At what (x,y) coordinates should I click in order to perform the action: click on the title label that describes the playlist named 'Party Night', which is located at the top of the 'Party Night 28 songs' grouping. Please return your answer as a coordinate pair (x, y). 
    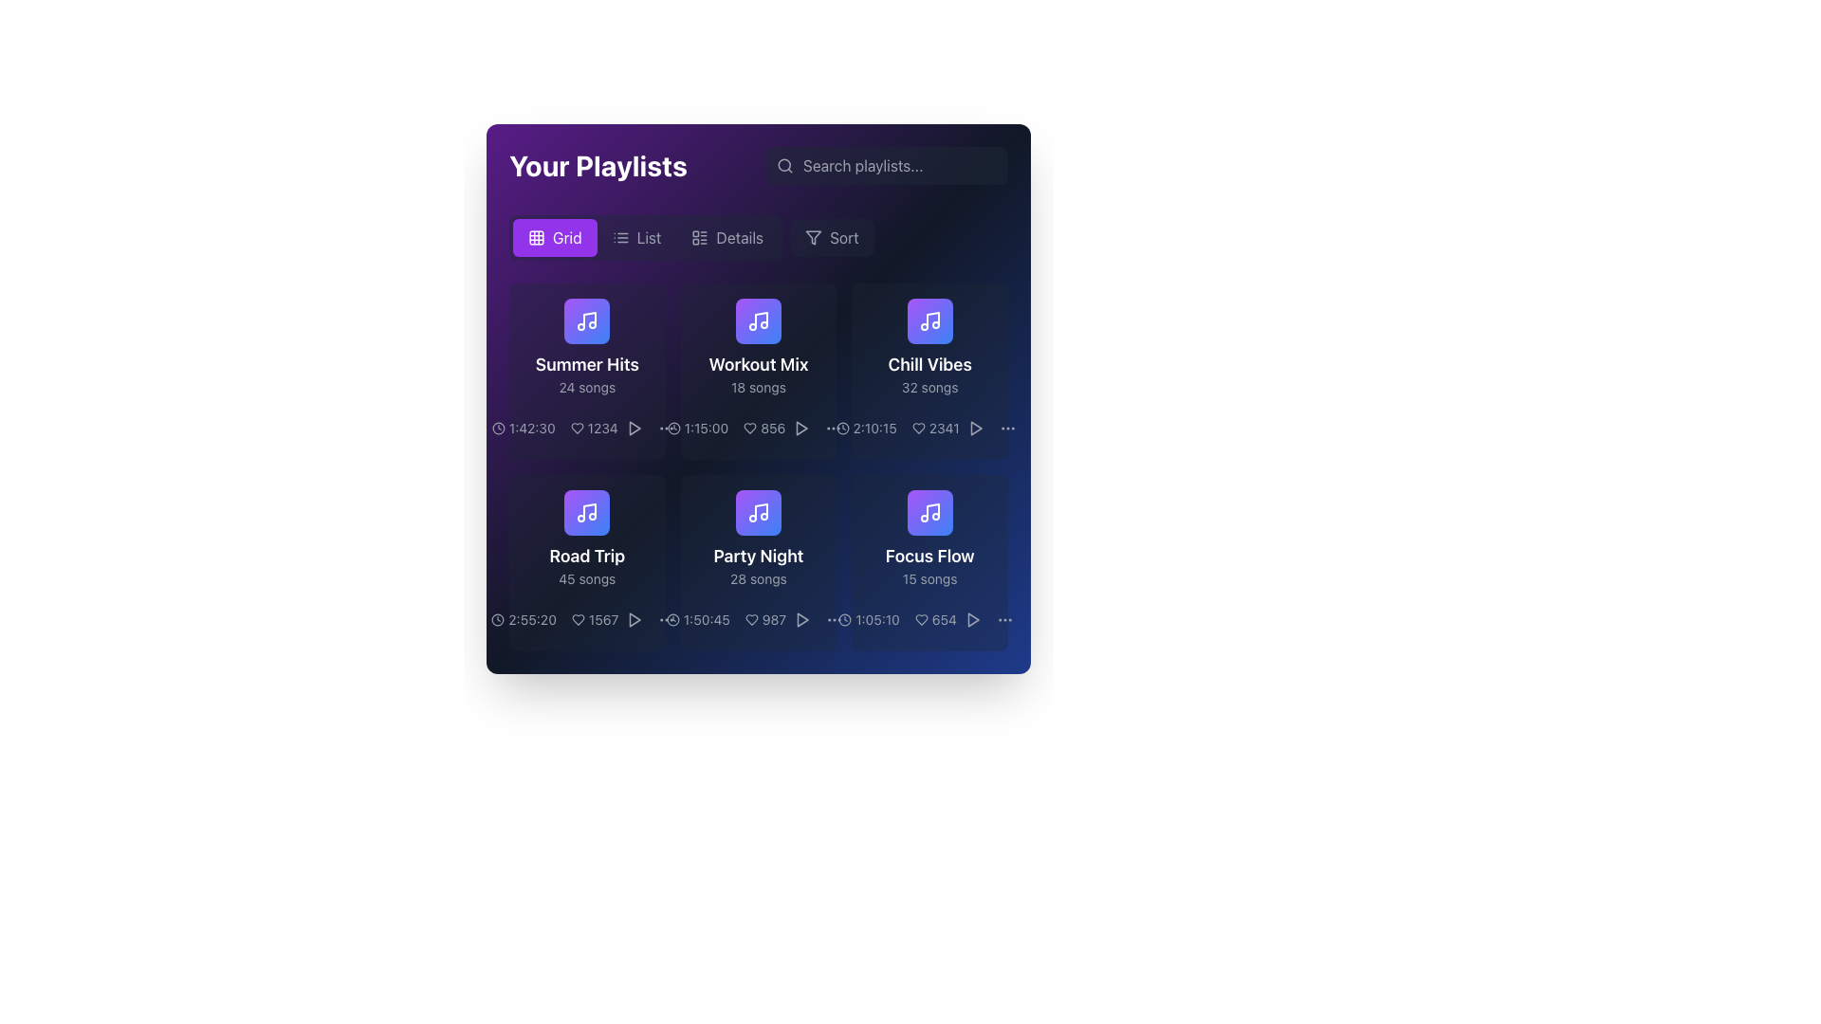
    Looking at the image, I should click on (759, 555).